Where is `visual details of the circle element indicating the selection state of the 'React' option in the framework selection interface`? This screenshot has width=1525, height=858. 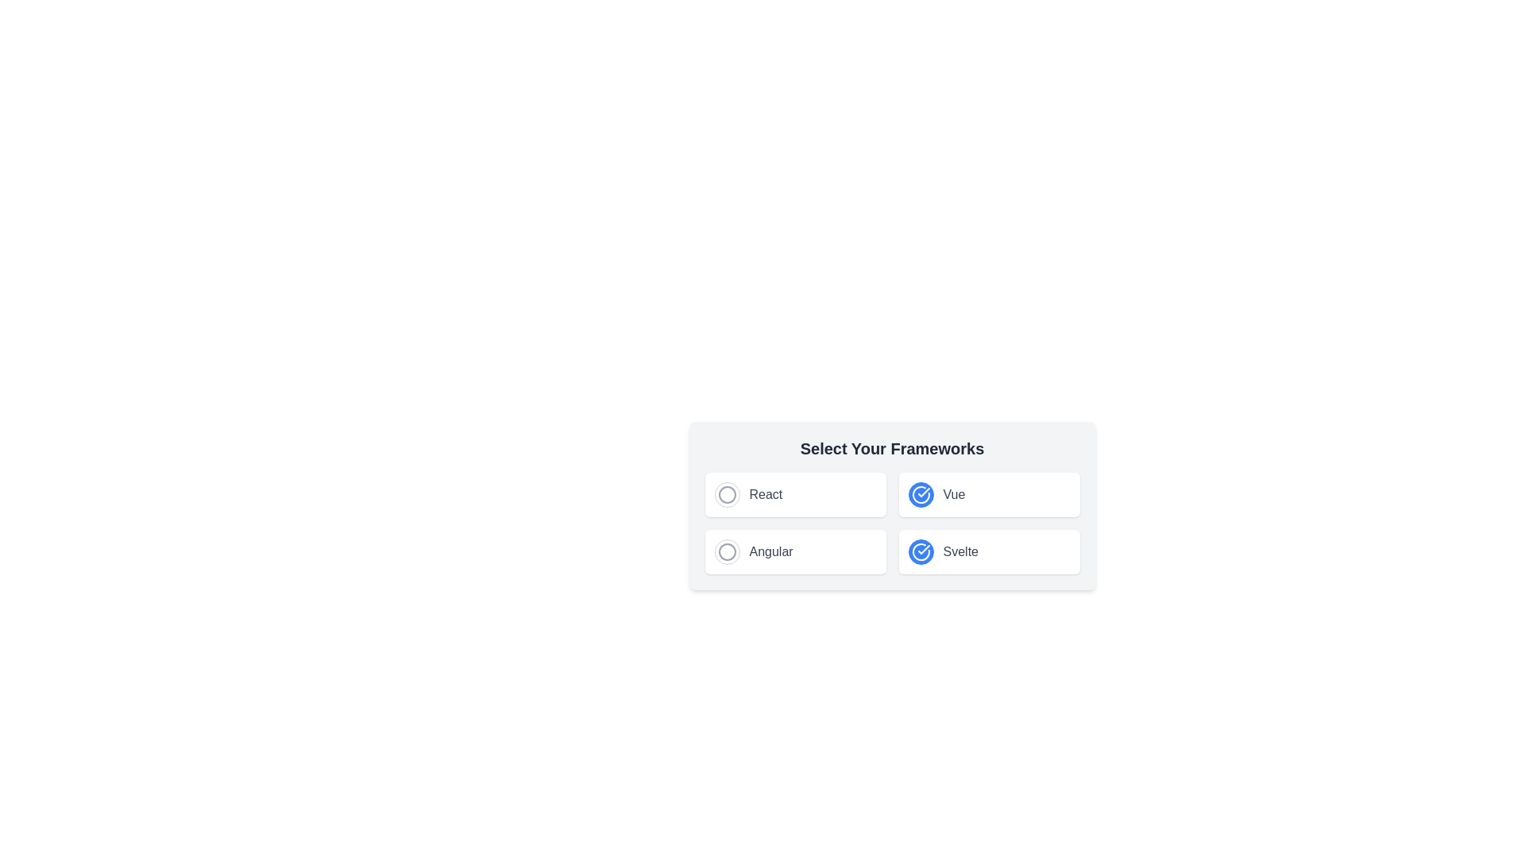 visual details of the circle element indicating the selection state of the 'React' option in the framework selection interface is located at coordinates (726, 494).